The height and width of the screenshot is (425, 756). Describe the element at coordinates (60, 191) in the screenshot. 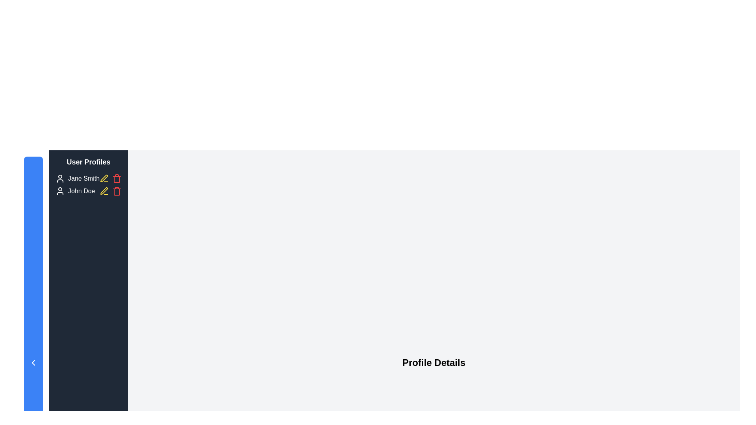

I see `the user profile icon, which is a white outline of a person on a dark background, located in the 'User Profiles' panel next to the label 'John Doe'` at that location.